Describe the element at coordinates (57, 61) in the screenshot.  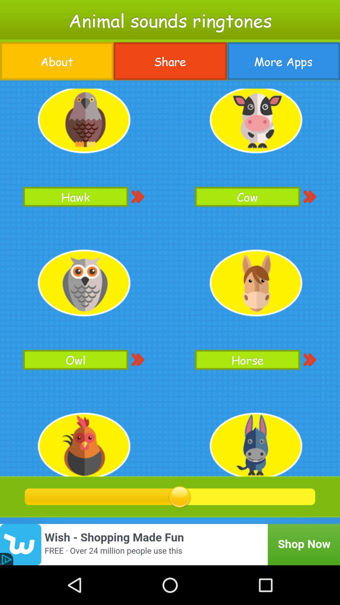
I see `item to the left of the share icon` at that location.